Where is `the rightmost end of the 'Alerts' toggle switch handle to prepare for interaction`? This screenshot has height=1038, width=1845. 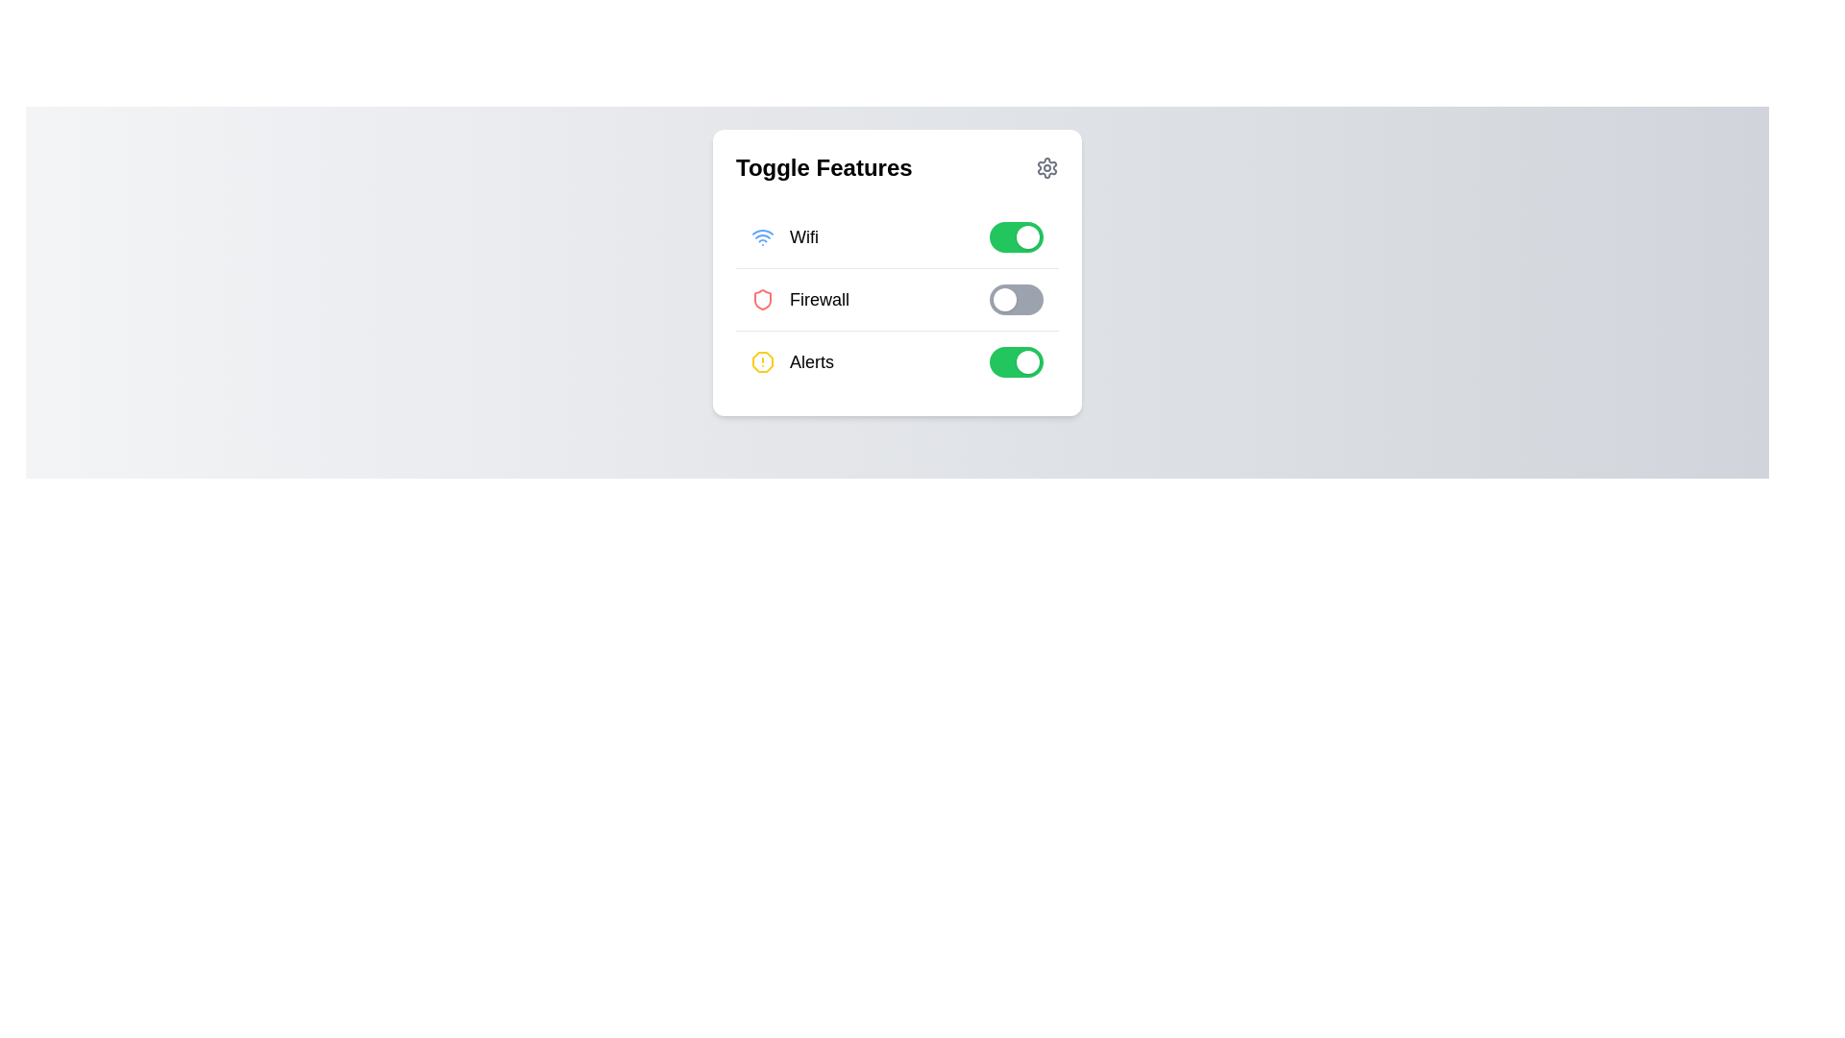
the rightmost end of the 'Alerts' toggle switch handle to prepare for interaction is located at coordinates (1027, 362).